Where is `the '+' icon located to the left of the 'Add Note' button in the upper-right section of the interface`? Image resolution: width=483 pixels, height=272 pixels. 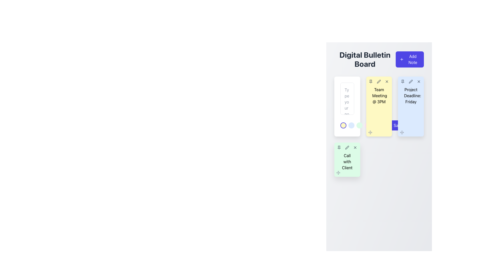 the '+' icon located to the left of the 'Add Note' button in the upper-right section of the interface is located at coordinates (401, 59).